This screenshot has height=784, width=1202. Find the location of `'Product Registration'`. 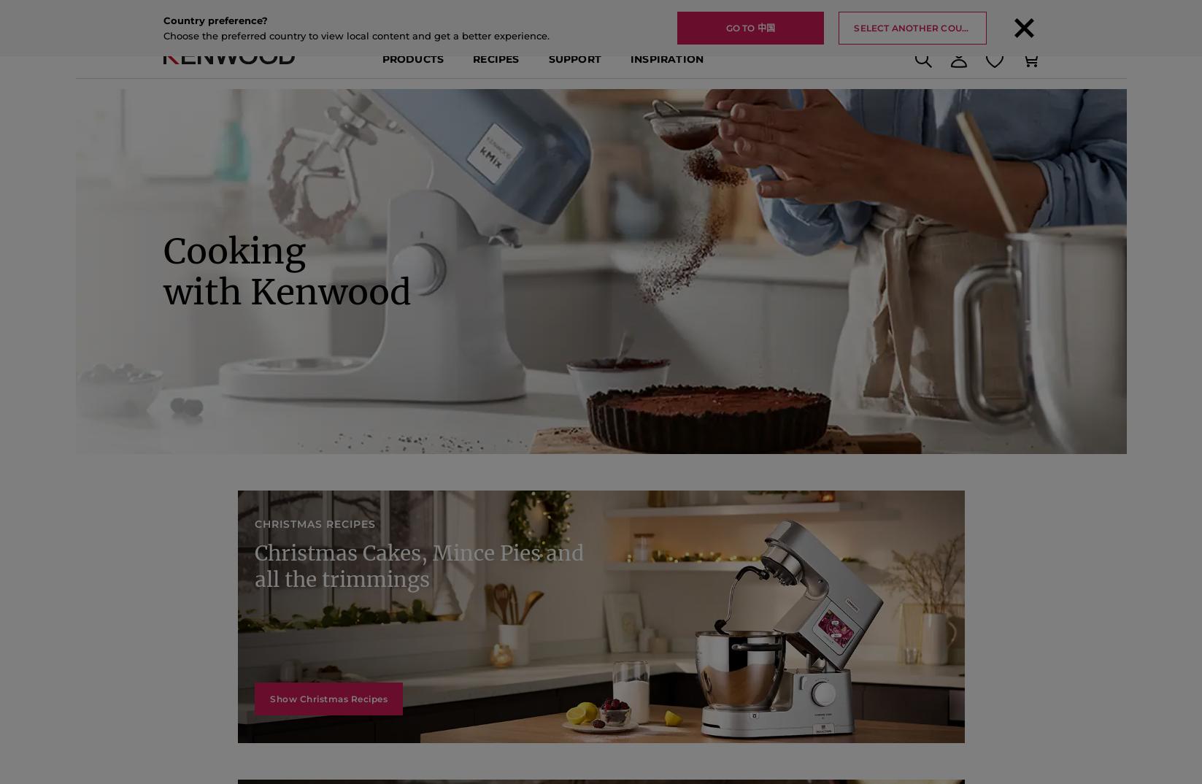

'Product Registration' is located at coordinates (946, 43).